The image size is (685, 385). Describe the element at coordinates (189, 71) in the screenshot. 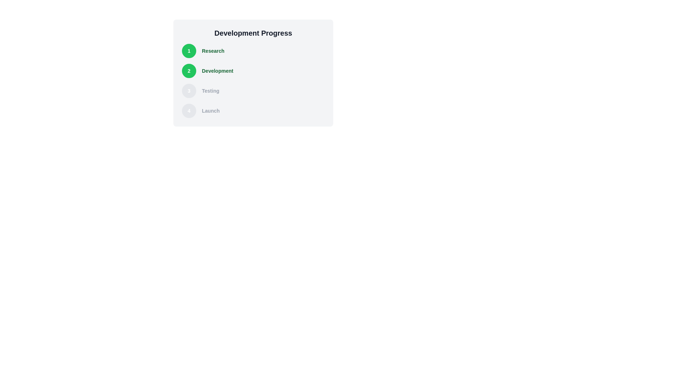

I see `the text label representing step number '2' in the green circle of the vertical progress indicator under 'Development Progress'` at that location.